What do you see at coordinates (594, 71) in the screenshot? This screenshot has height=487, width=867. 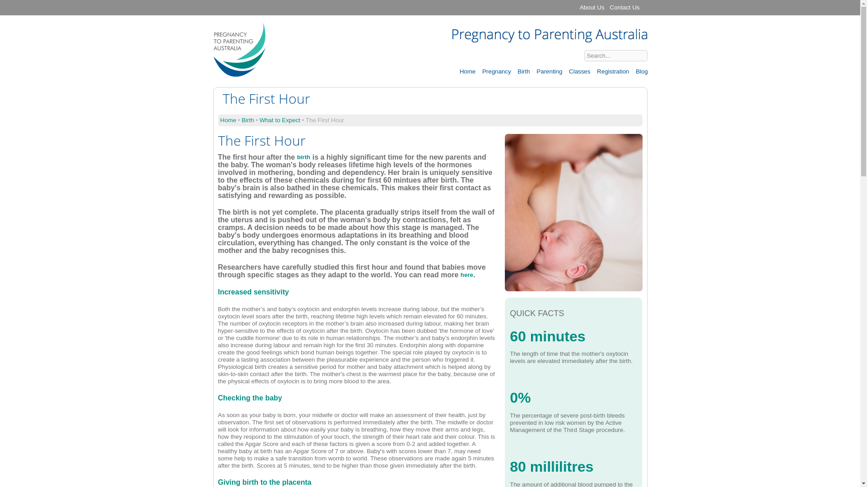 I see `'Registration'` at bounding box center [594, 71].